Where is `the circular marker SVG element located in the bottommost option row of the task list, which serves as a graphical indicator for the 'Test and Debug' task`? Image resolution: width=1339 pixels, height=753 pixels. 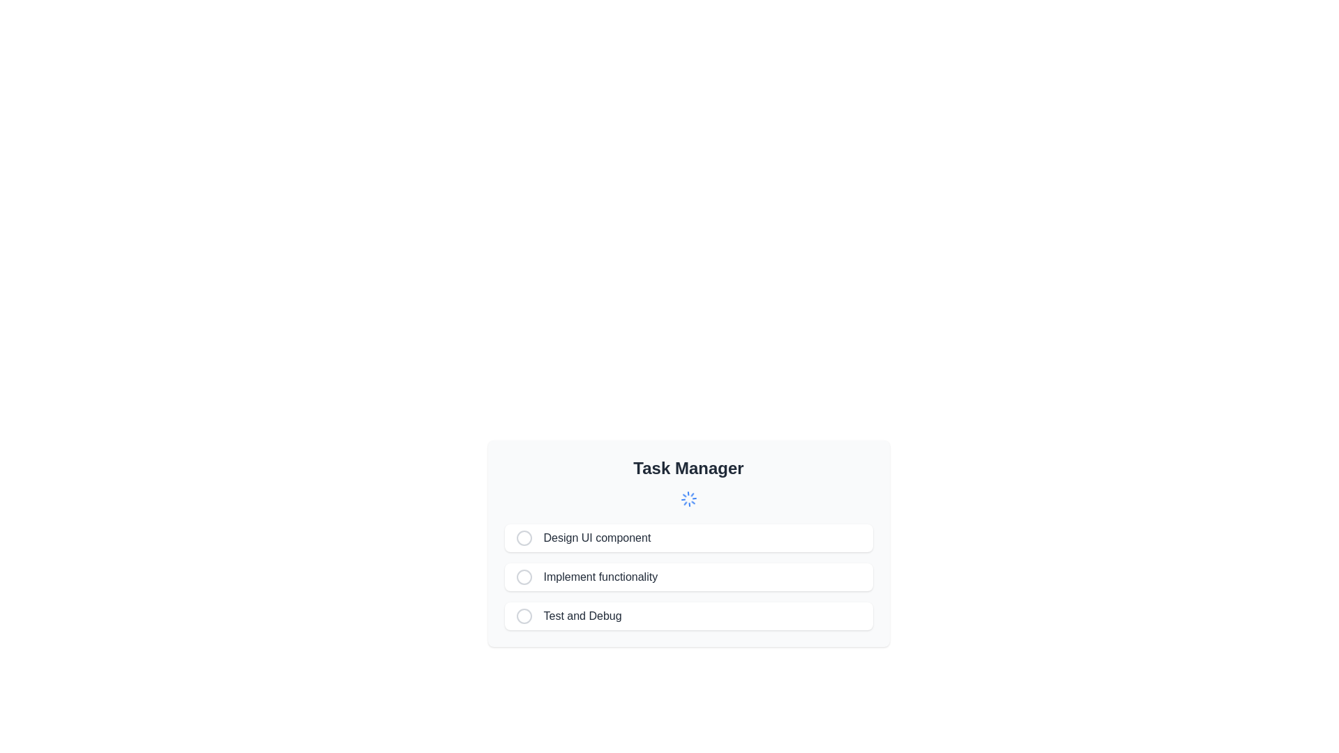
the circular marker SVG element located in the bottommost option row of the task list, which serves as a graphical indicator for the 'Test and Debug' task is located at coordinates (523, 615).